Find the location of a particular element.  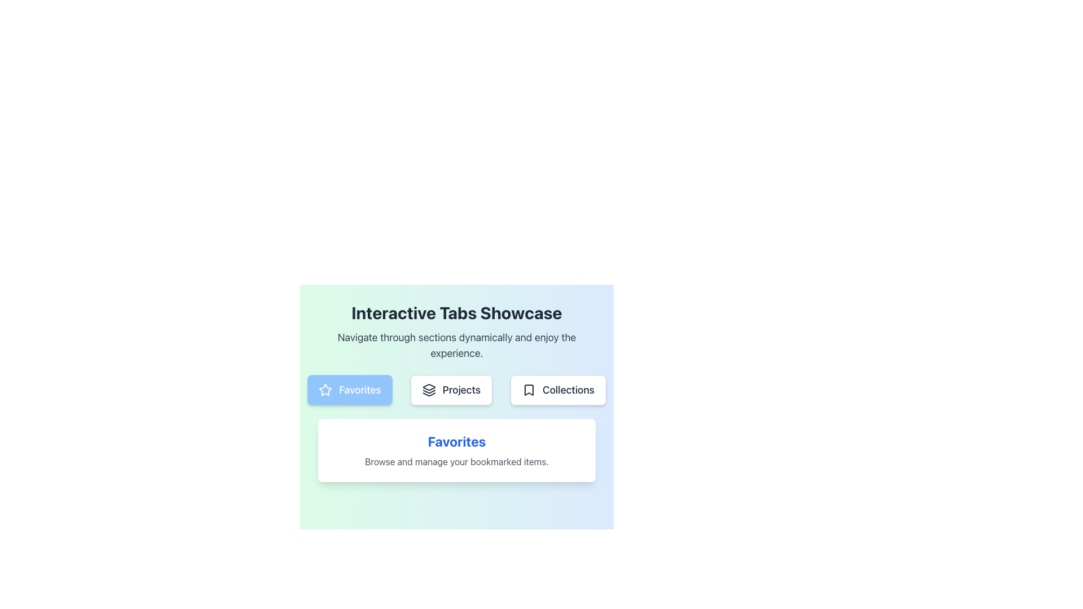

the icon resembling stacked layers located to the left of the 'Projects' button for additional details is located at coordinates (428, 389).